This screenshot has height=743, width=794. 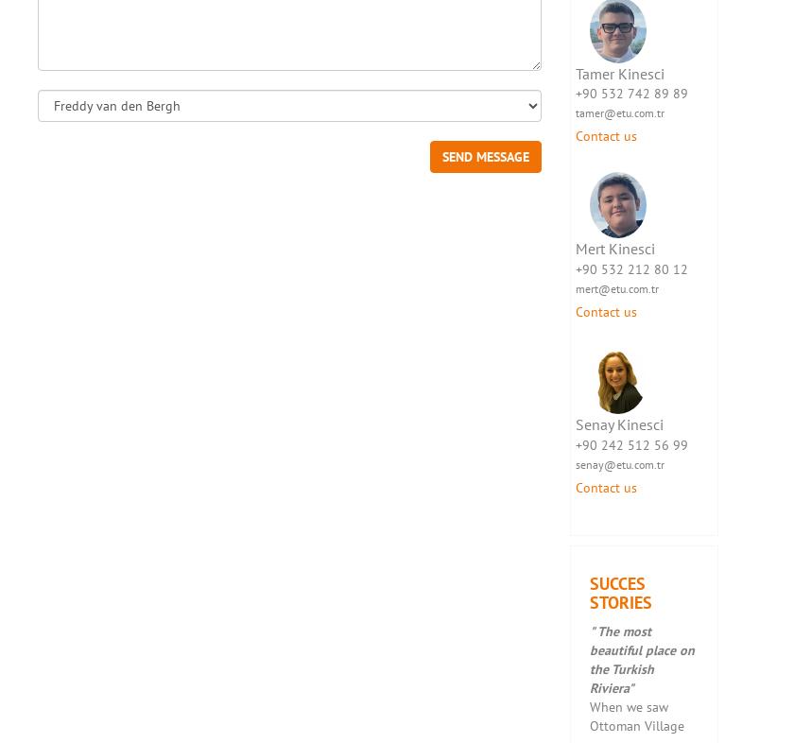 I want to click on '+90 532 212 80 12', so click(x=630, y=269).